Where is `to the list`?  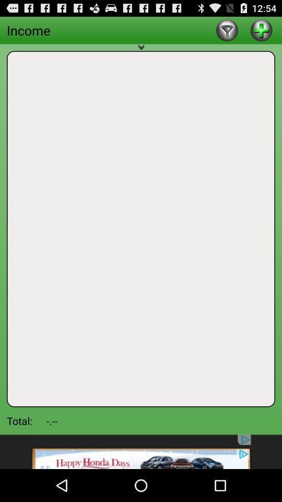 to the list is located at coordinates (261, 29).